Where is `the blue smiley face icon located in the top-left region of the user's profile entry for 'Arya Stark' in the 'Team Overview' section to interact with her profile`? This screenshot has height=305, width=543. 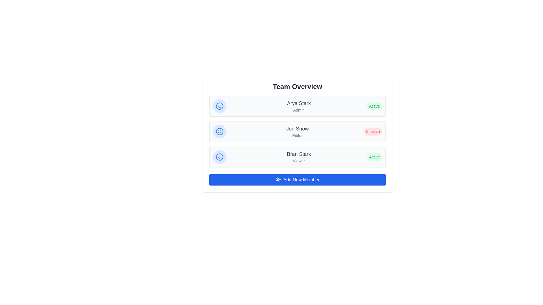 the blue smiley face icon located in the top-left region of the user's profile entry for 'Arya Stark' in the 'Team Overview' section to interact with her profile is located at coordinates (219, 106).